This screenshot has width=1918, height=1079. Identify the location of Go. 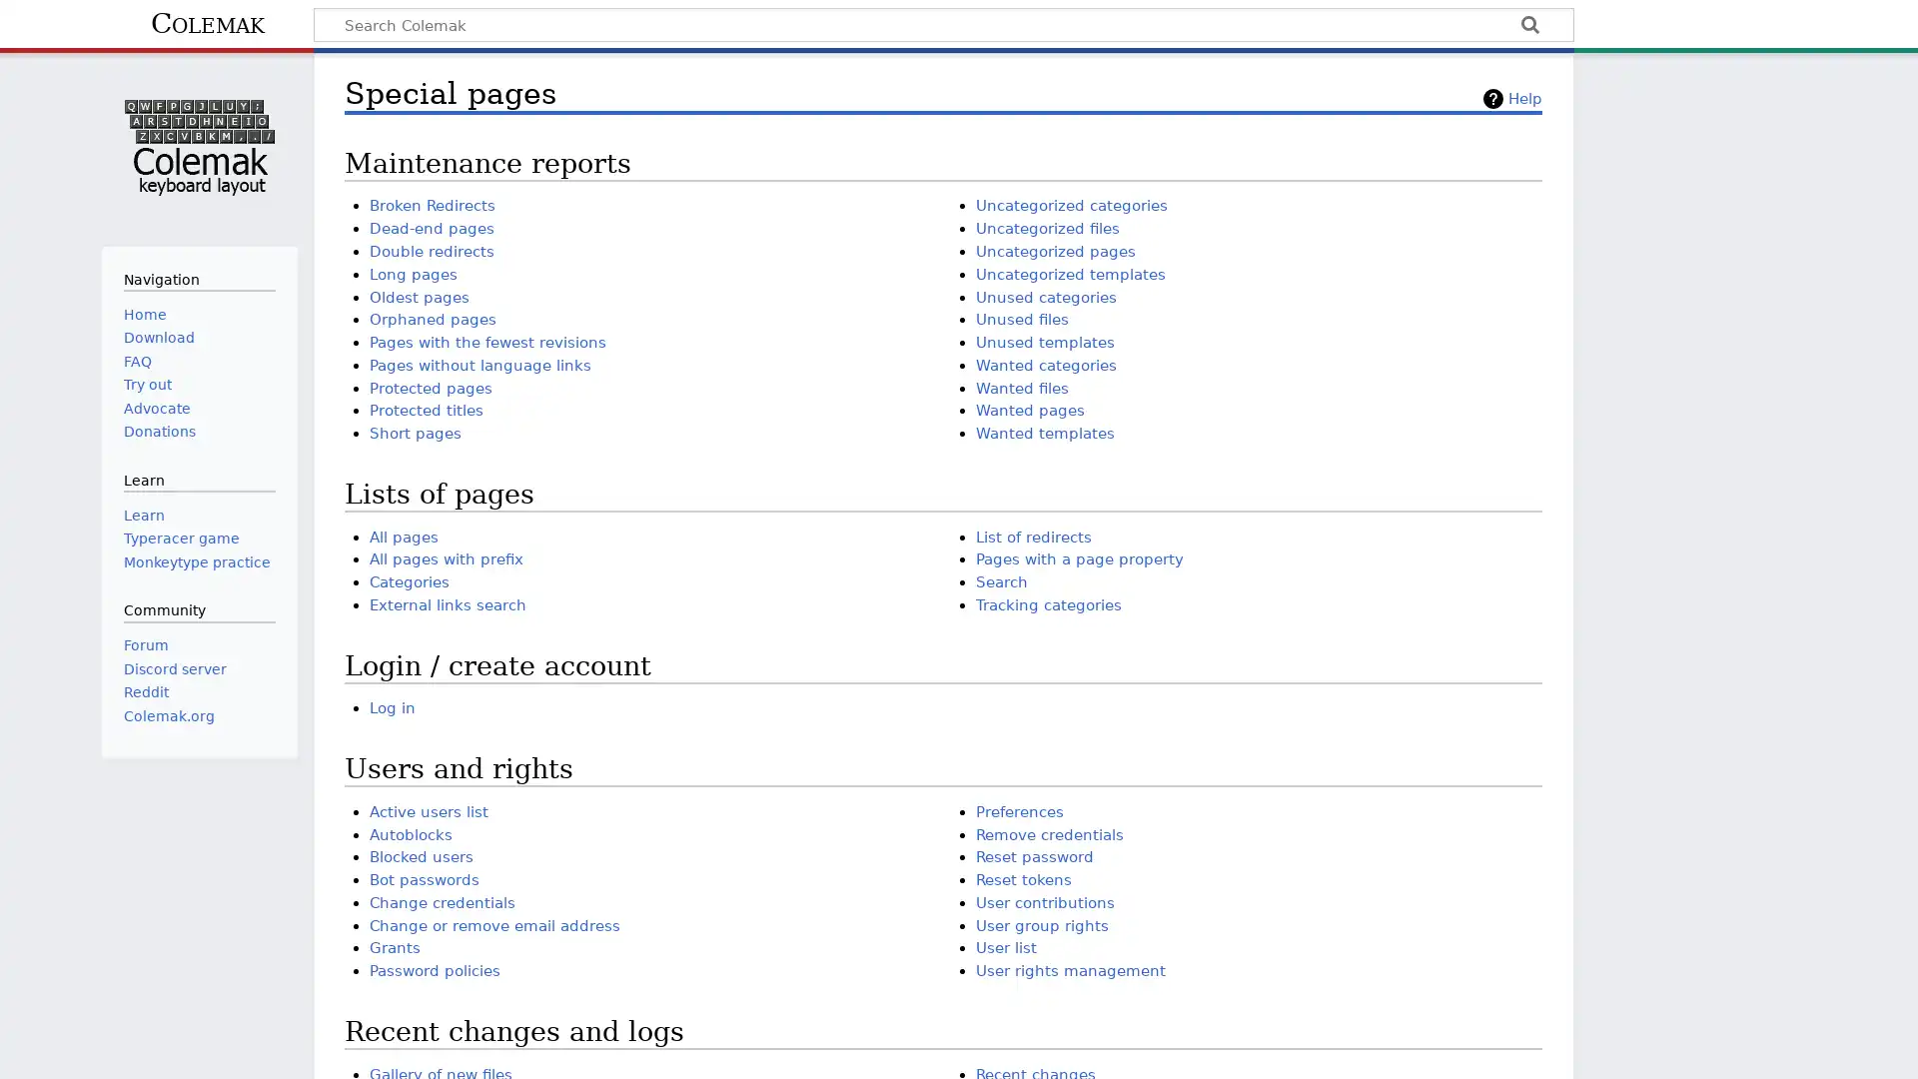
(1528, 27).